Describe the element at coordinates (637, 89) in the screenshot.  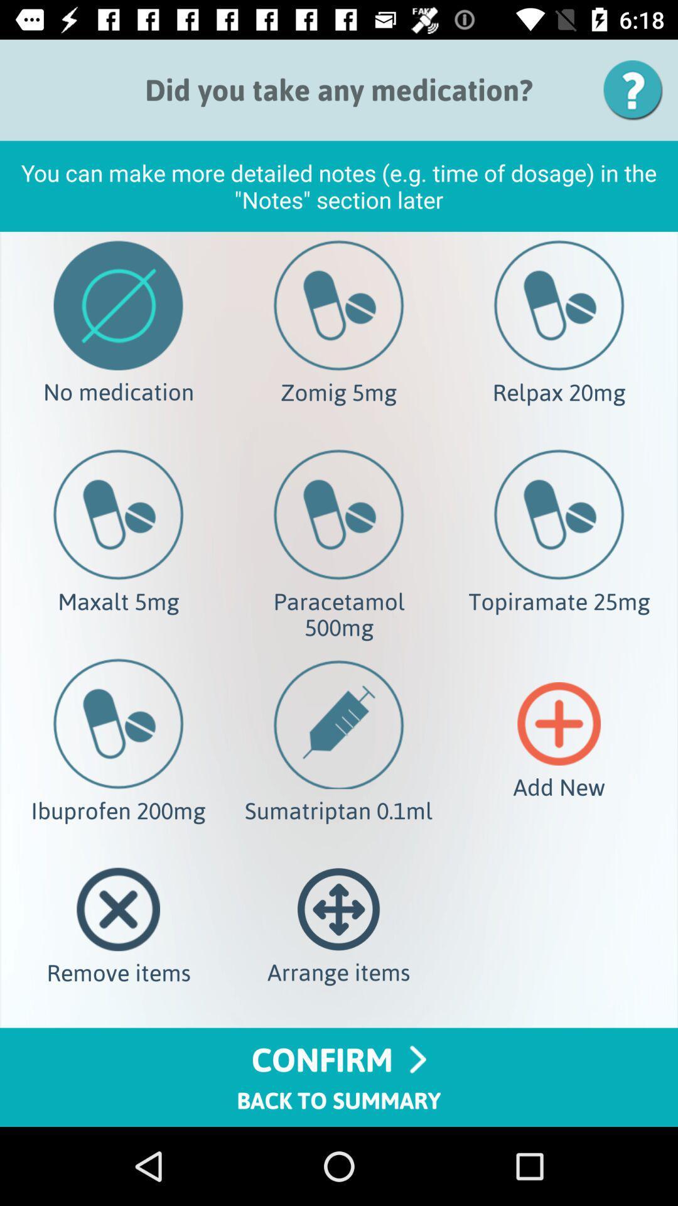
I see `more clarification about taking medication` at that location.